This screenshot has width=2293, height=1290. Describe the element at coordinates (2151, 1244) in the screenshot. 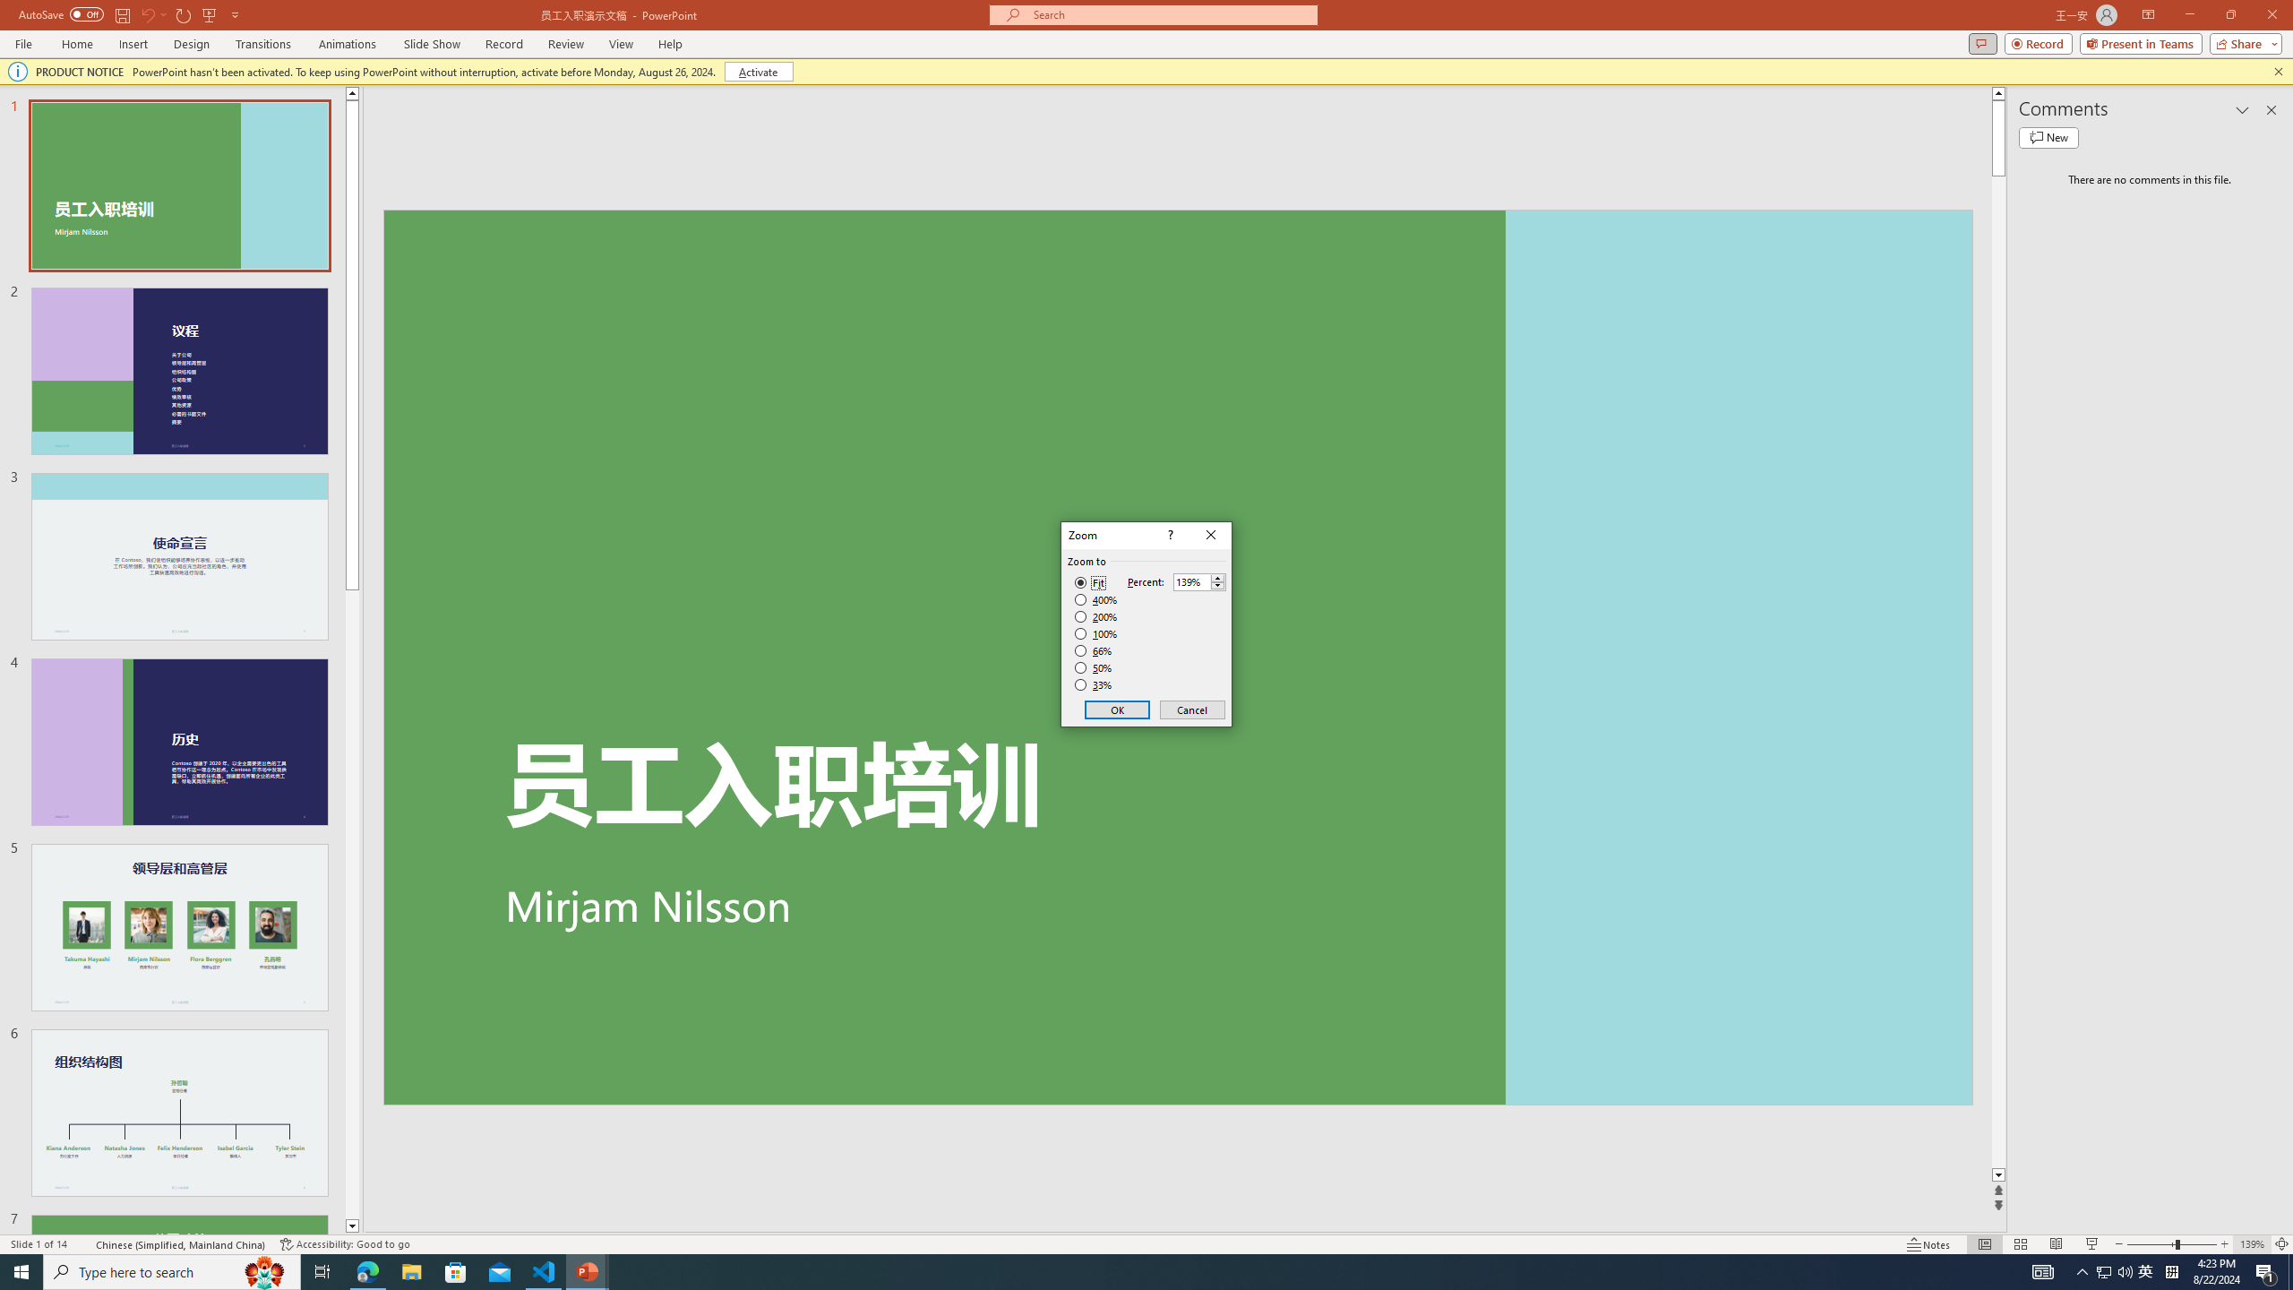

I see `'Zoom Out'` at that location.